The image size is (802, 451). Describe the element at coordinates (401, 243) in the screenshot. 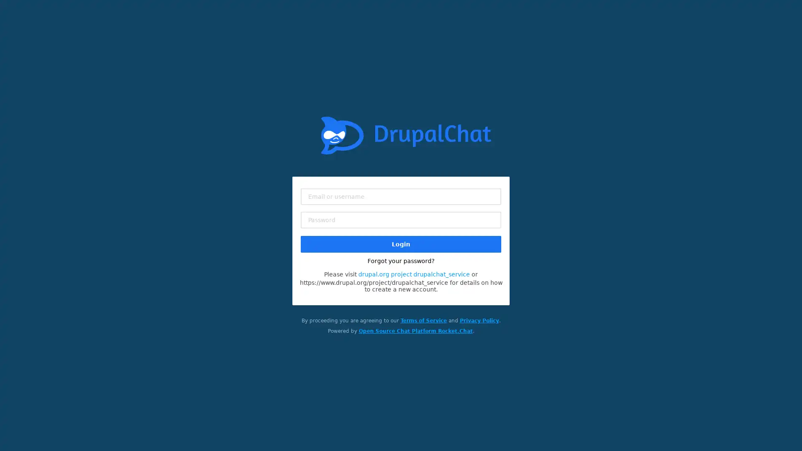

I see `Login` at that location.